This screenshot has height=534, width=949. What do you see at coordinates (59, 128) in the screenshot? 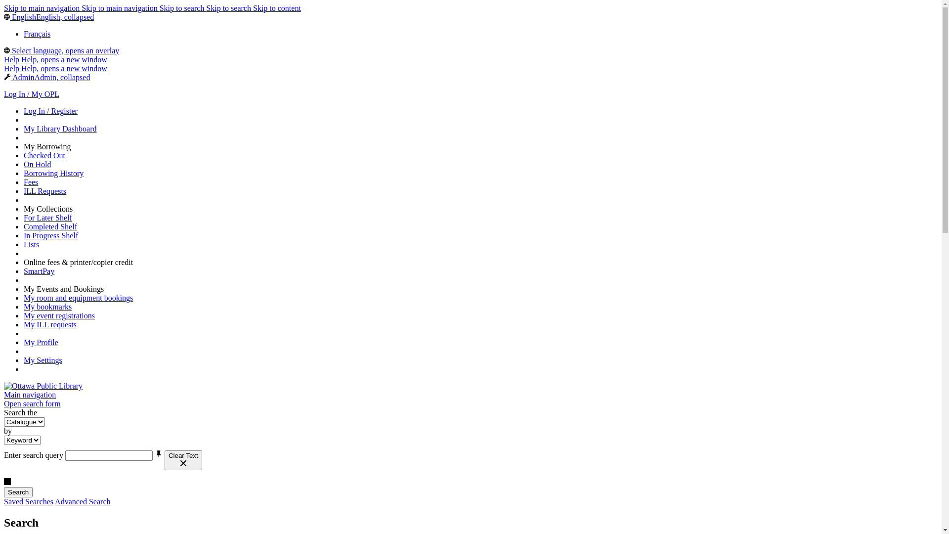
I see `'My Library Dashboard'` at bounding box center [59, 128].